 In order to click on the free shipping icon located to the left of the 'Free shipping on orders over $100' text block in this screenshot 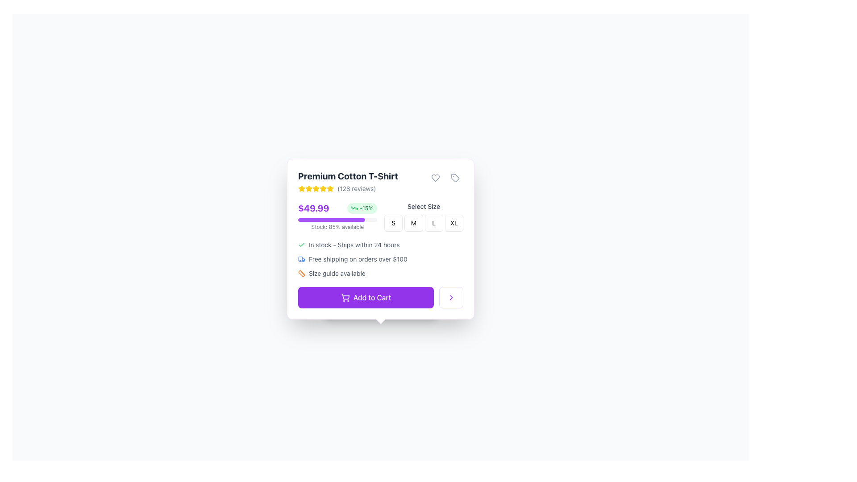, I will do `click(302, 259)`.